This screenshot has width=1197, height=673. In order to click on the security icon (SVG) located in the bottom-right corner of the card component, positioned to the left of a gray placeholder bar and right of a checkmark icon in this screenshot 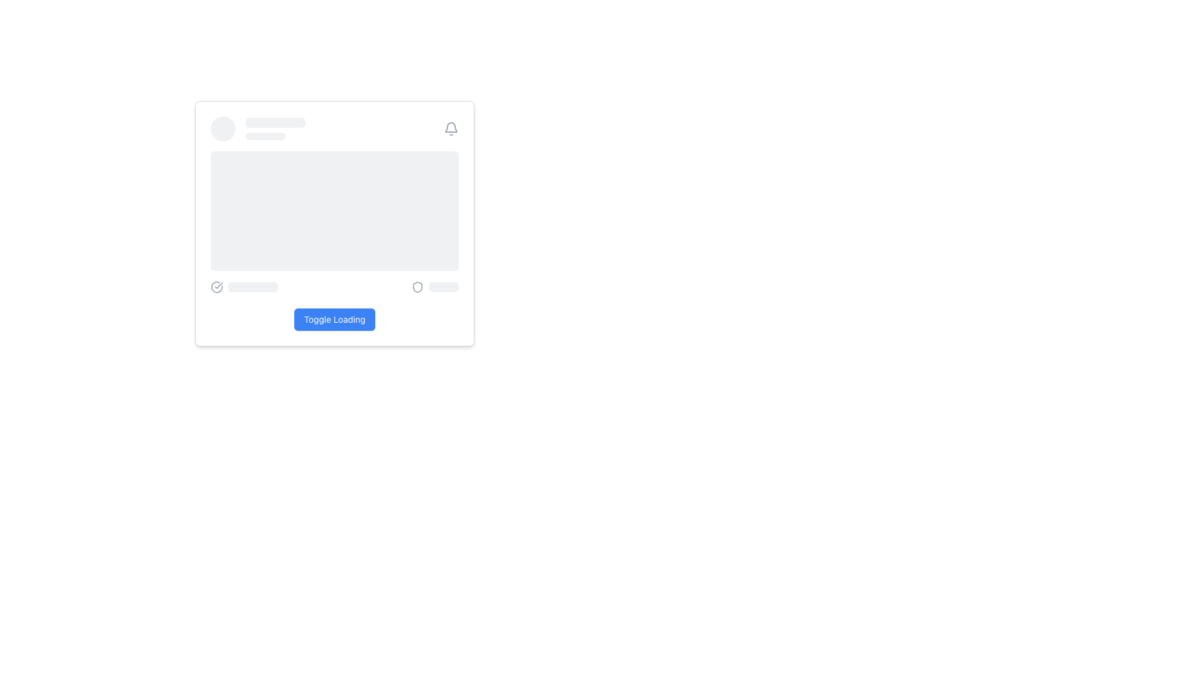, I will do `click(418, 287)`.